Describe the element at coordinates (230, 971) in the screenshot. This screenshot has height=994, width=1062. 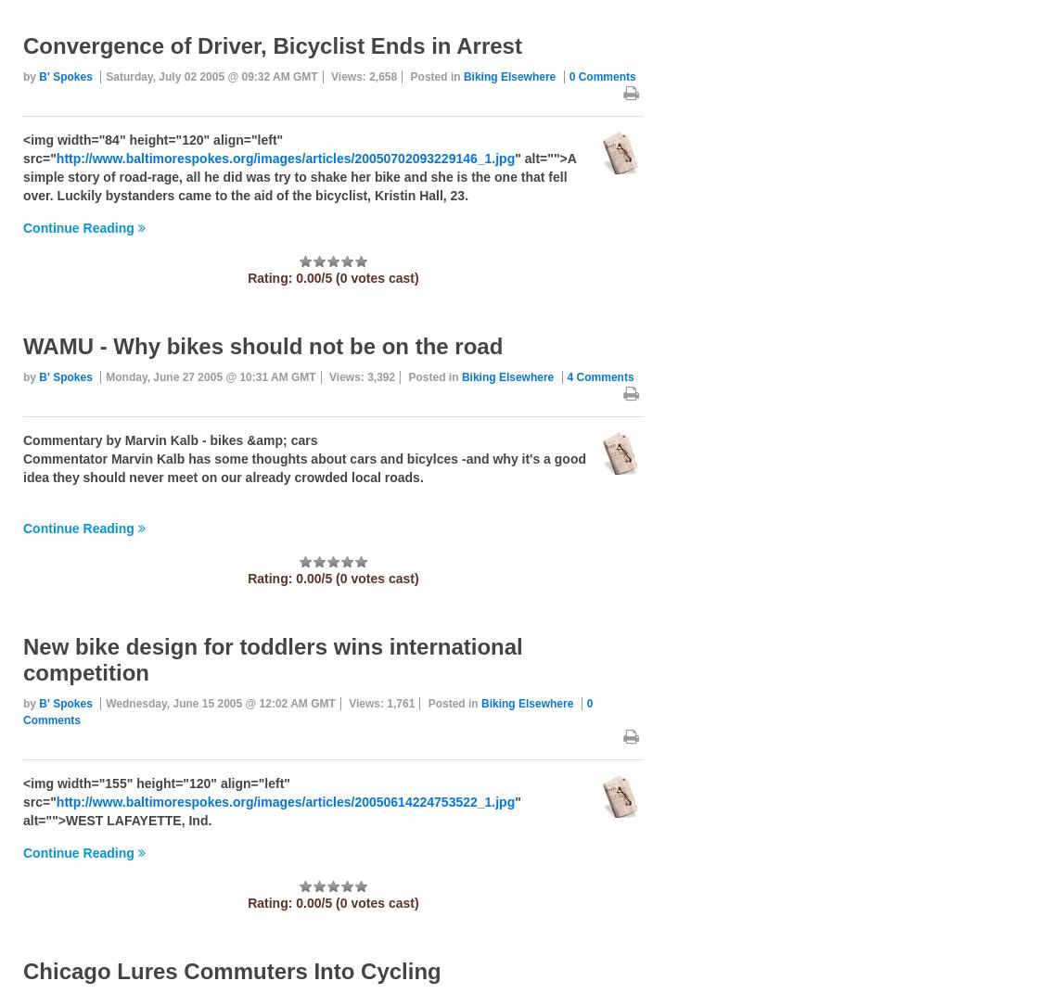
I see `'Chicago Lures Commuters Into Cycling'` at that location.